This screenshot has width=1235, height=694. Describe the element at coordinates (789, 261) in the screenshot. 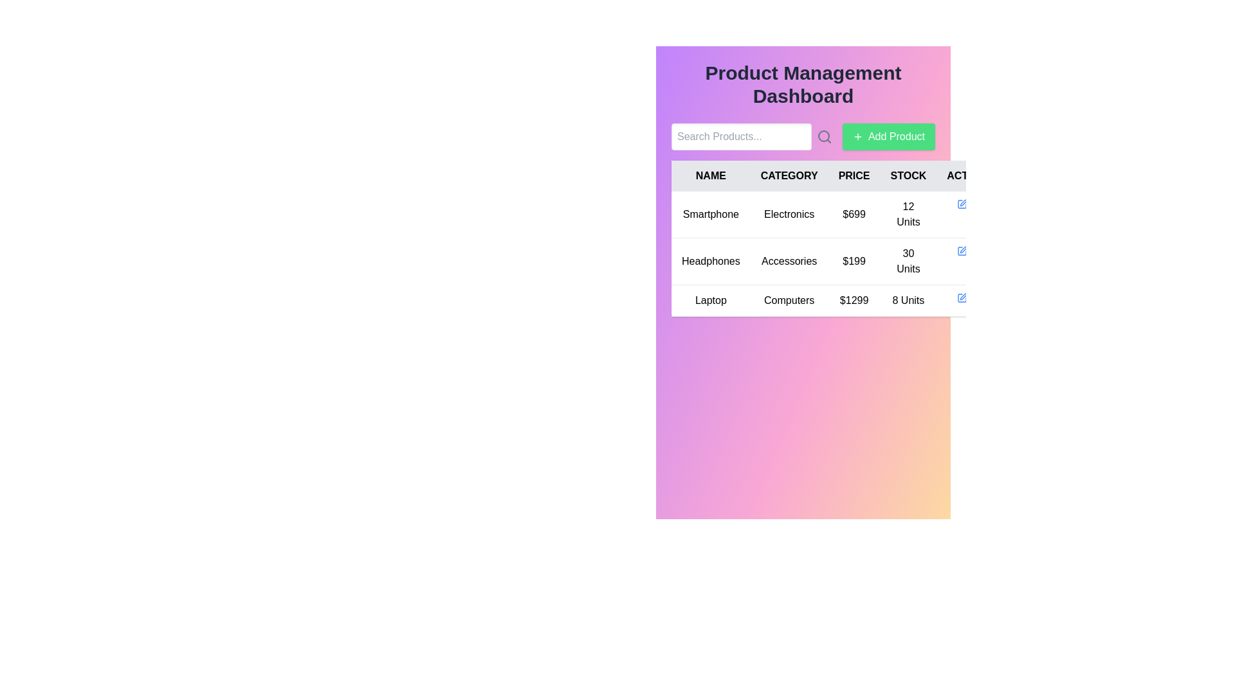

I see `the text label indicating that 'Headphones' belongs to the 'Accessories' category, located in the second row and second column of the table under the 'CATEGORY' column` at that location.